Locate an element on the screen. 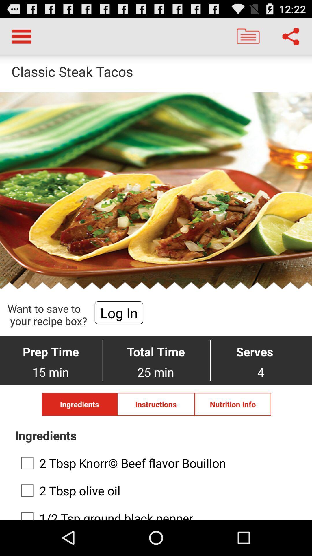 This screenshot has height=556, width=312. the icon next to nutrition info is located at coordinates (156, 404).